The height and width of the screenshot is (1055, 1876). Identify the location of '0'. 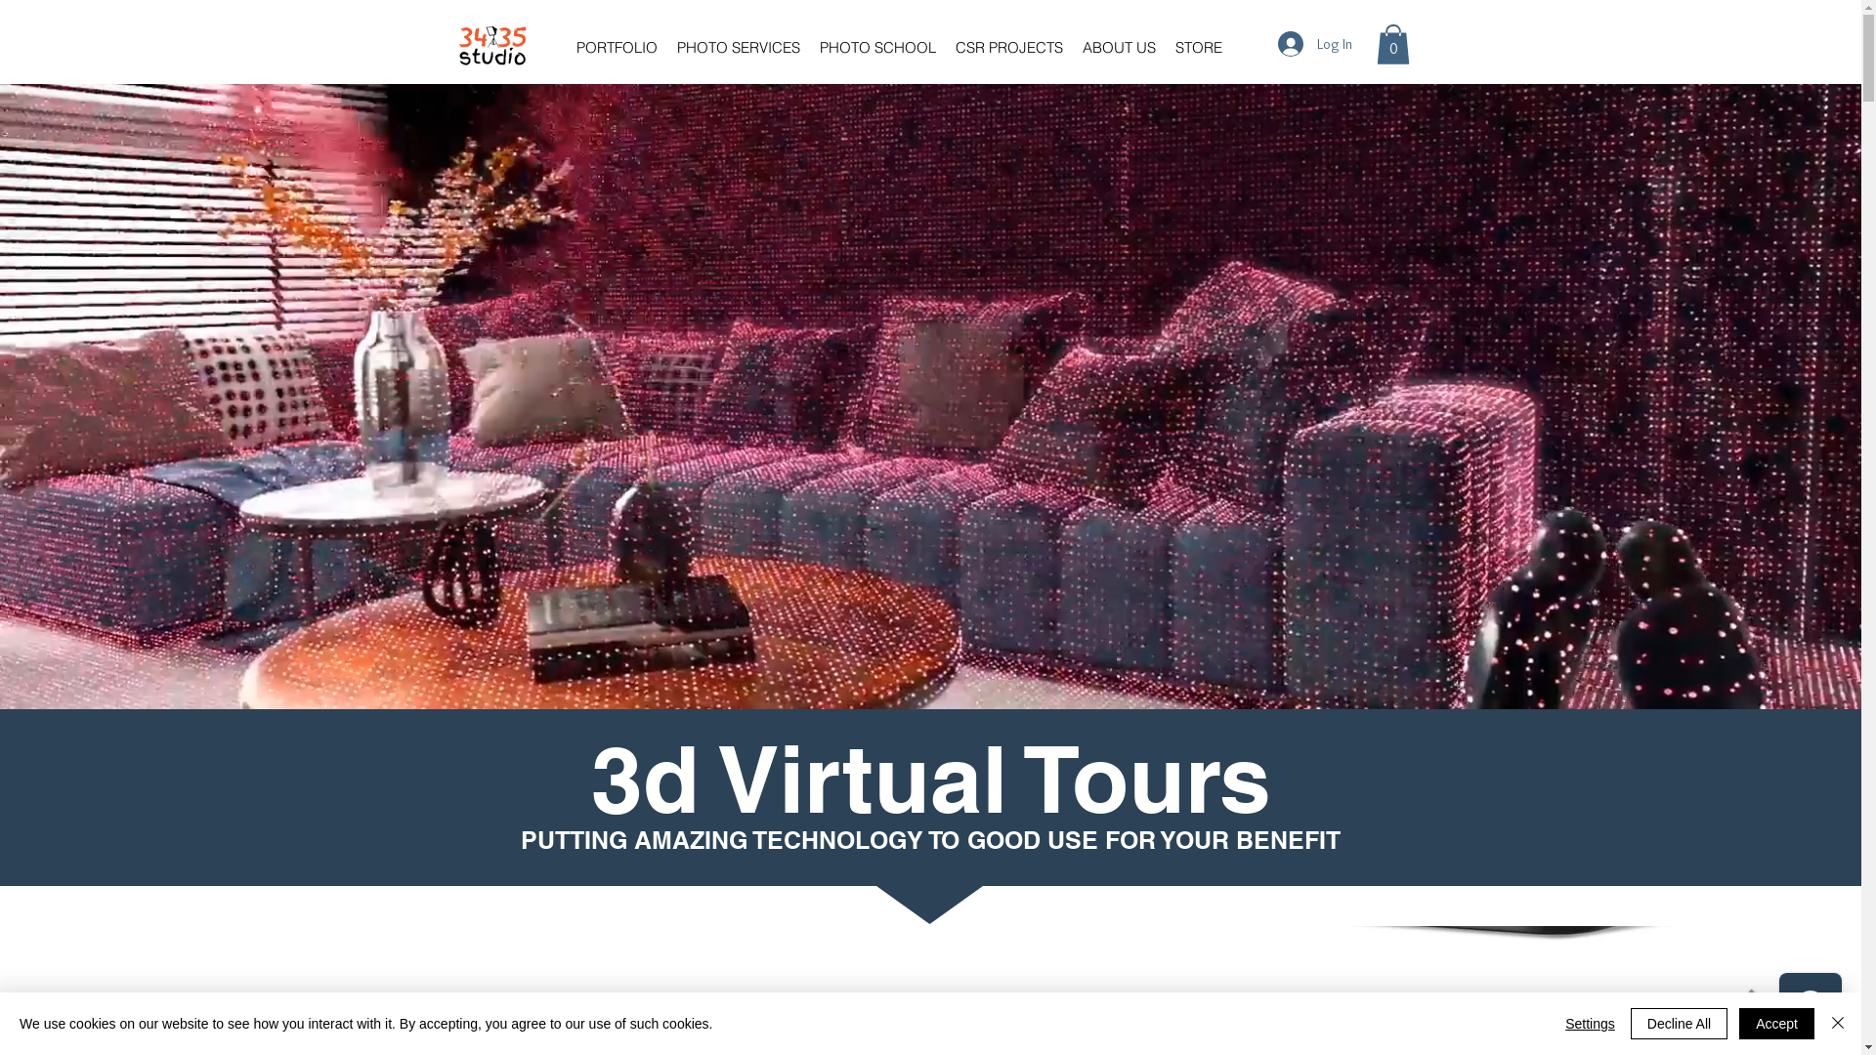
(1391, 44).